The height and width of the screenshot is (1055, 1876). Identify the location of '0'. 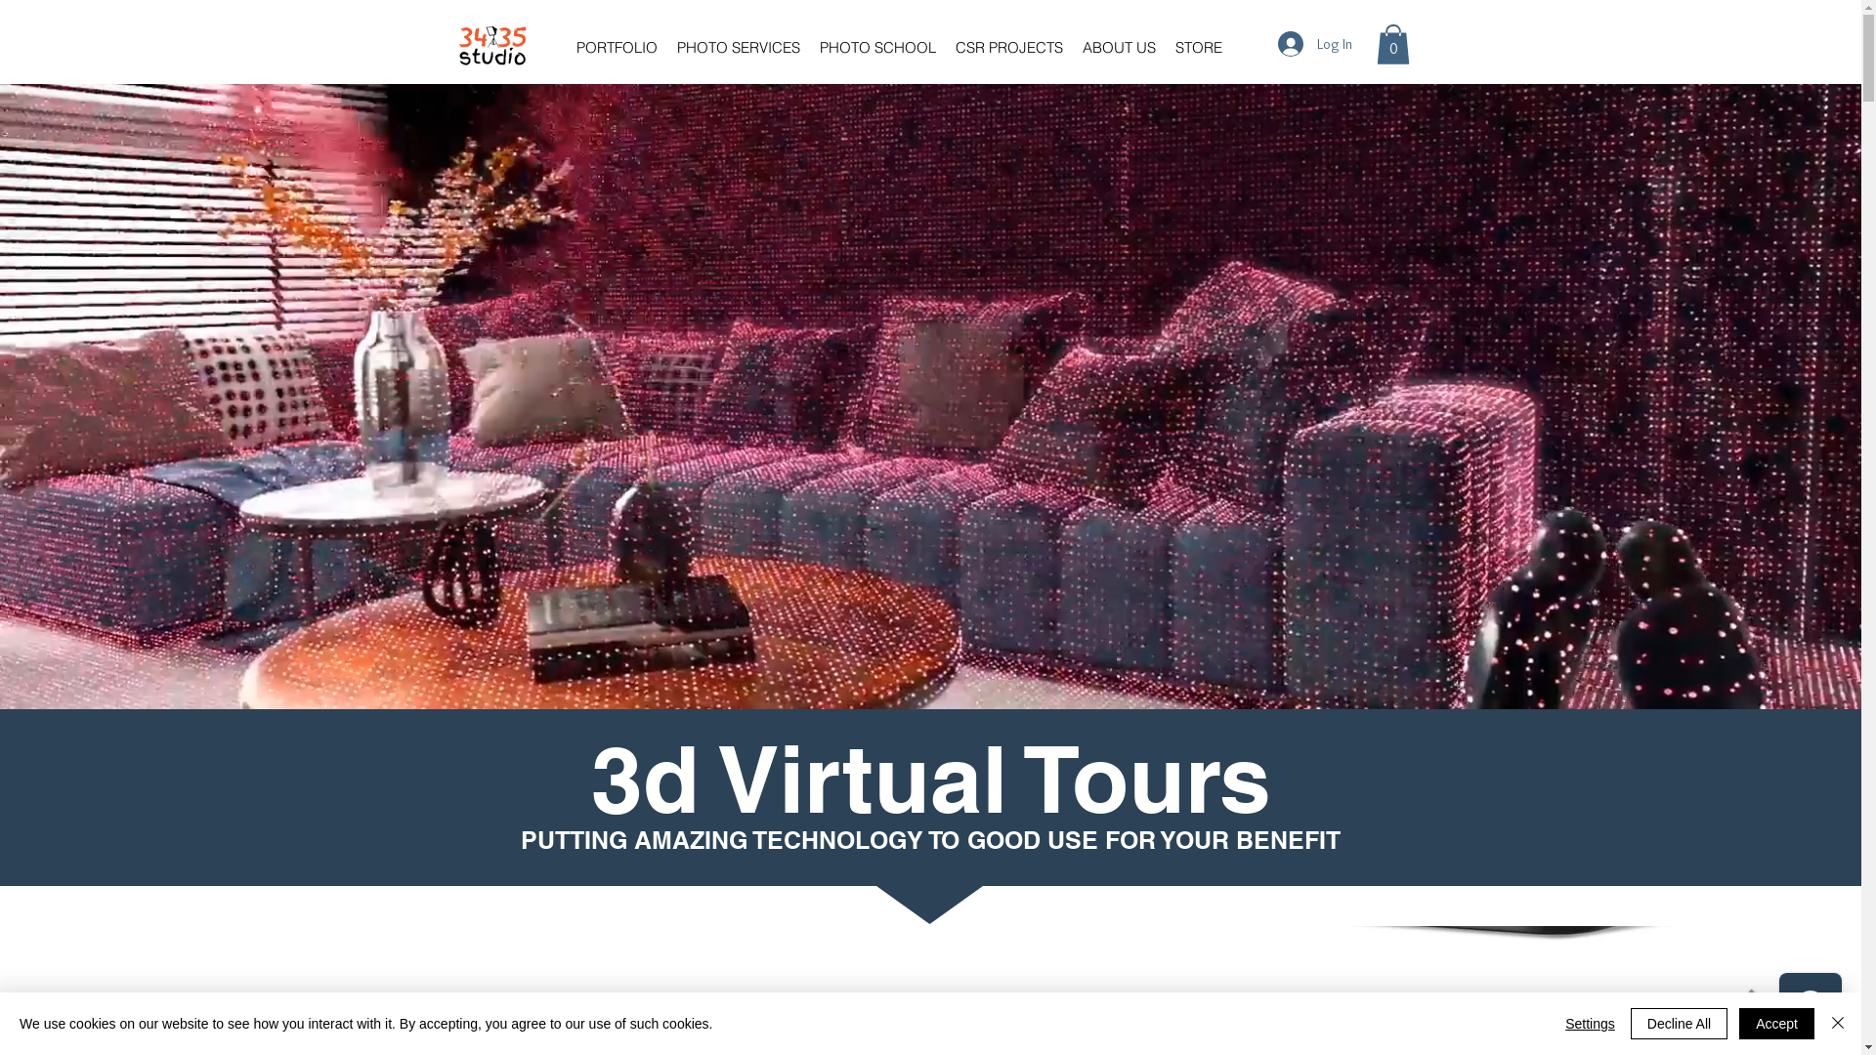
(1391, 44).